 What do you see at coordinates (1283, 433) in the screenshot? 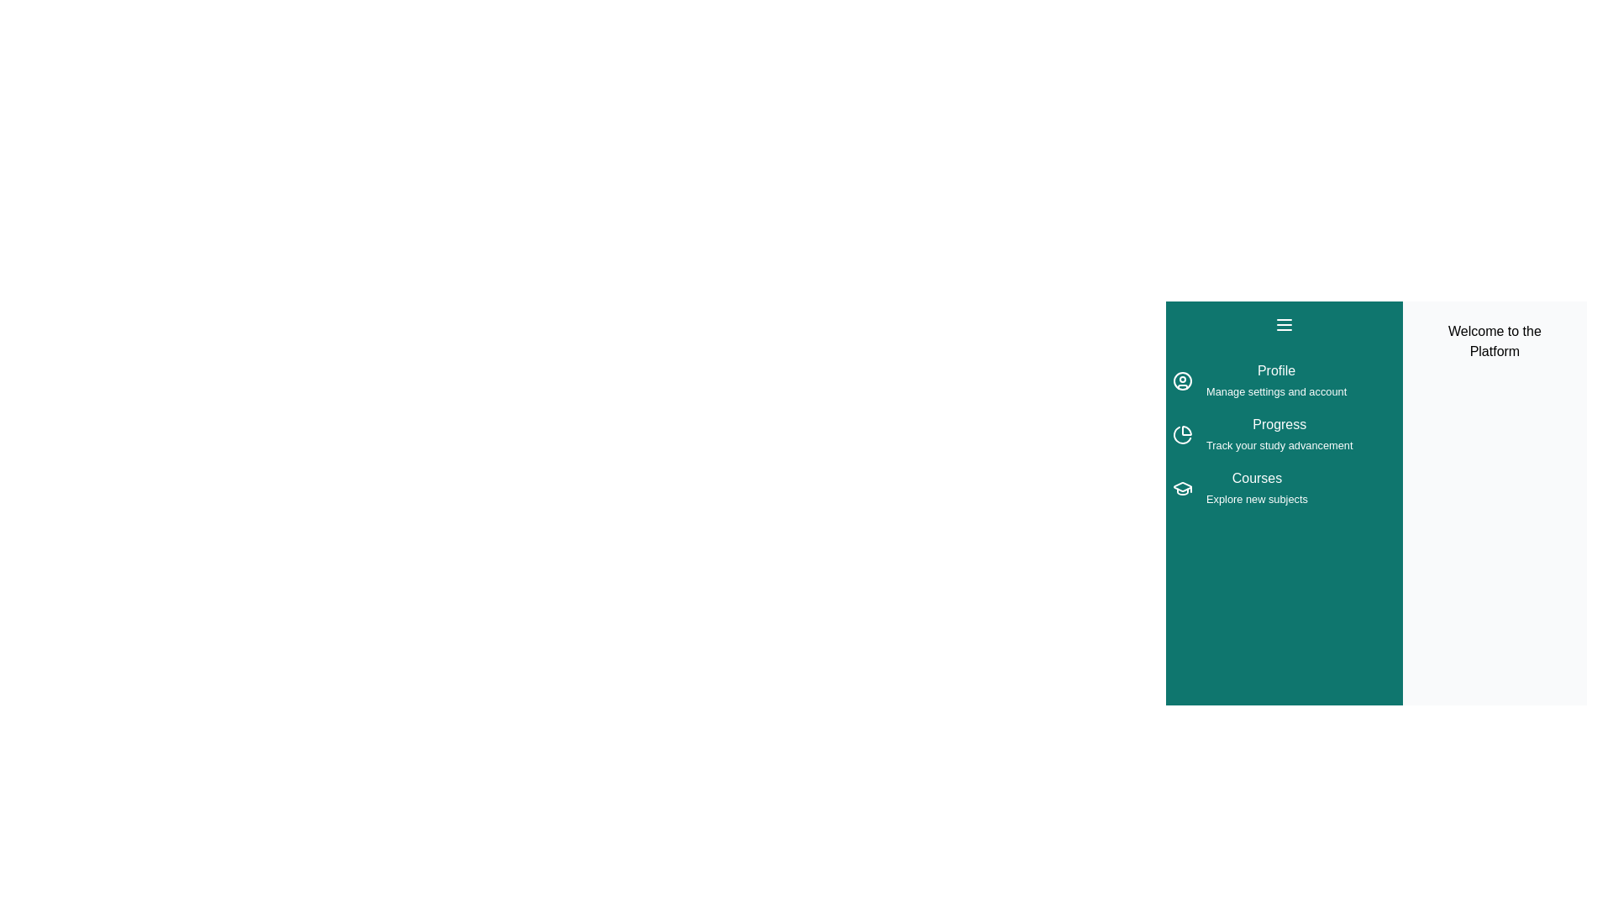
I see `the menu item Progress in the drawer` at bounding box center [1283, 433].